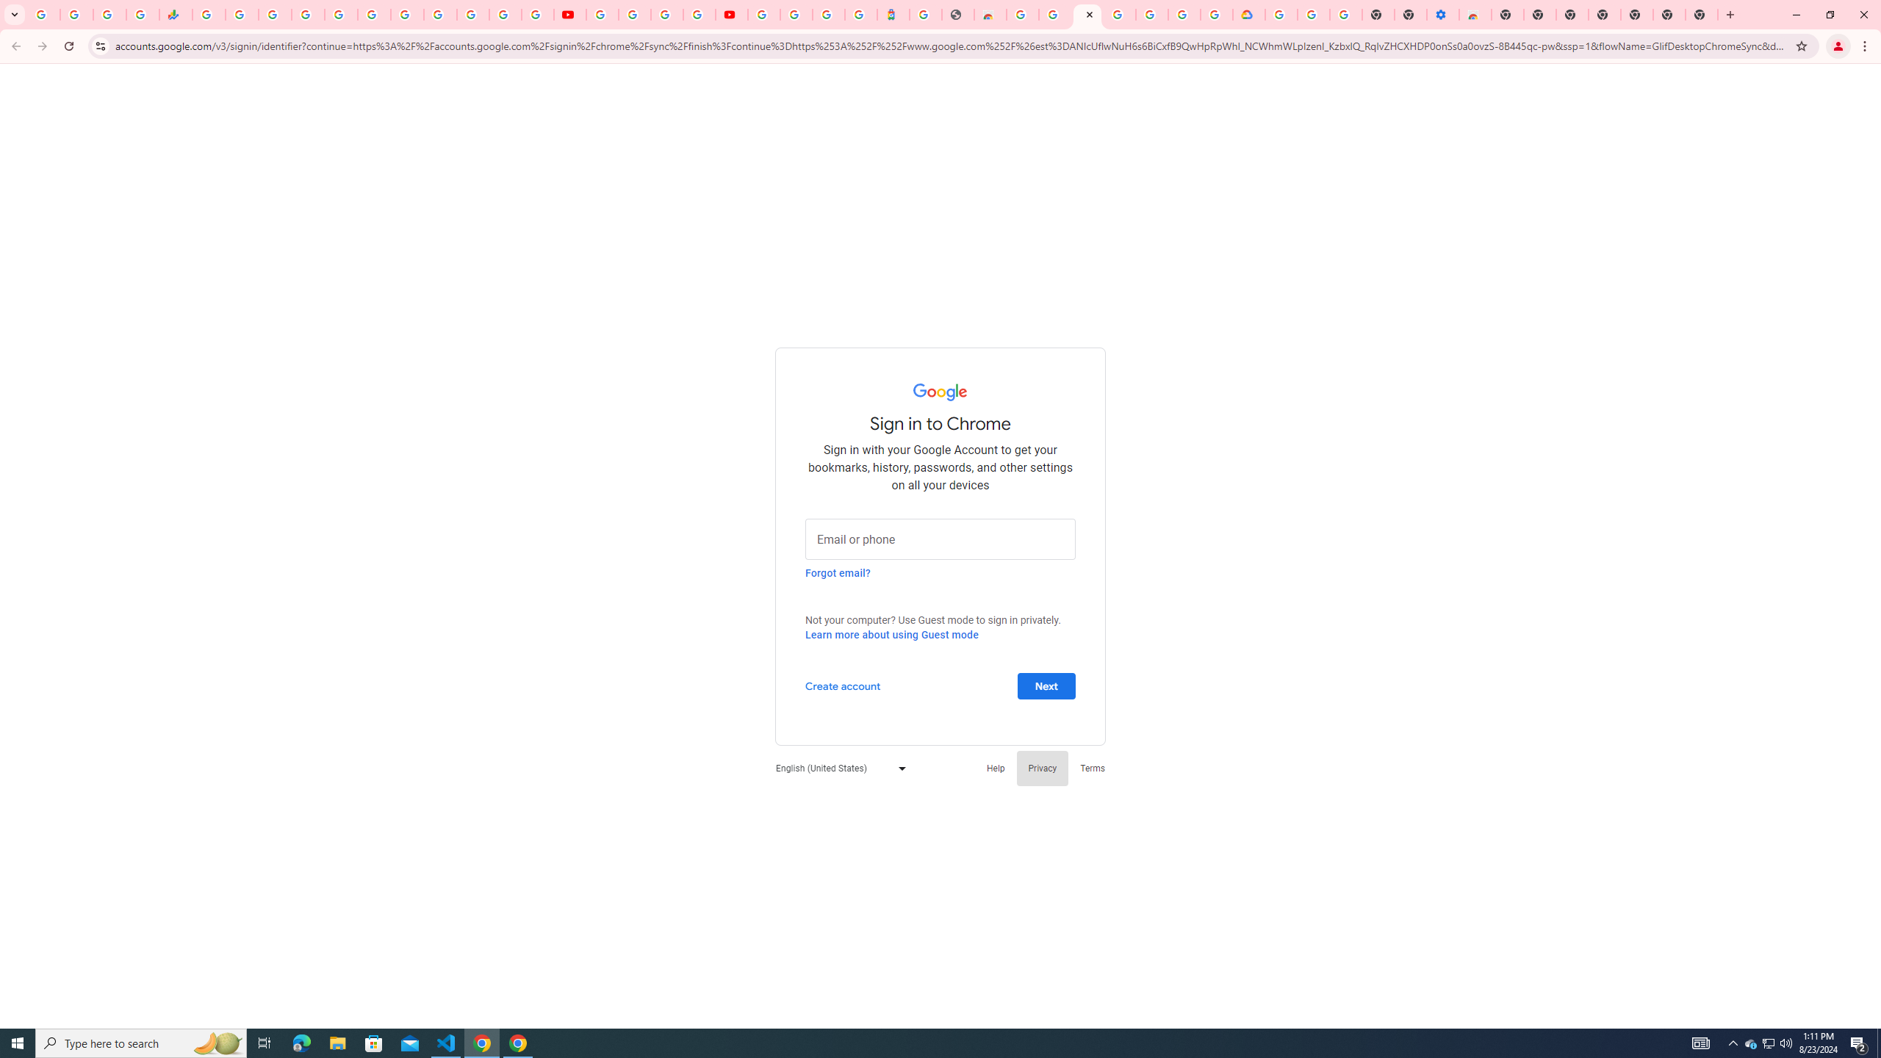 The width and height of the screenshot is (1881, 1058). Describe the element at coordinates (667, 14) in the screenshot. I see `'Create your Google Account'` at that location.